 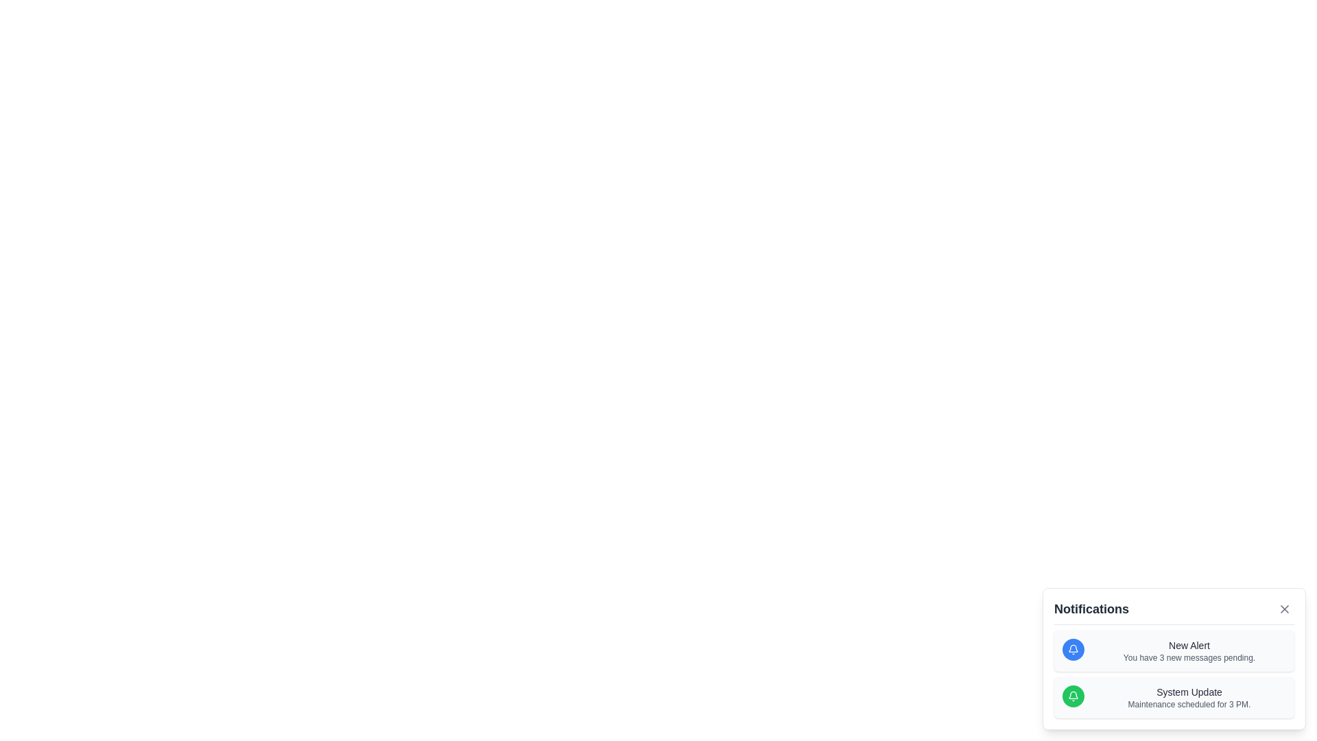 I want to click on the notification icon located in the upper-left corner of the notification card with title 'New Alert' and description 'You have 3 new messages pending', so click(x=1072, y=649).